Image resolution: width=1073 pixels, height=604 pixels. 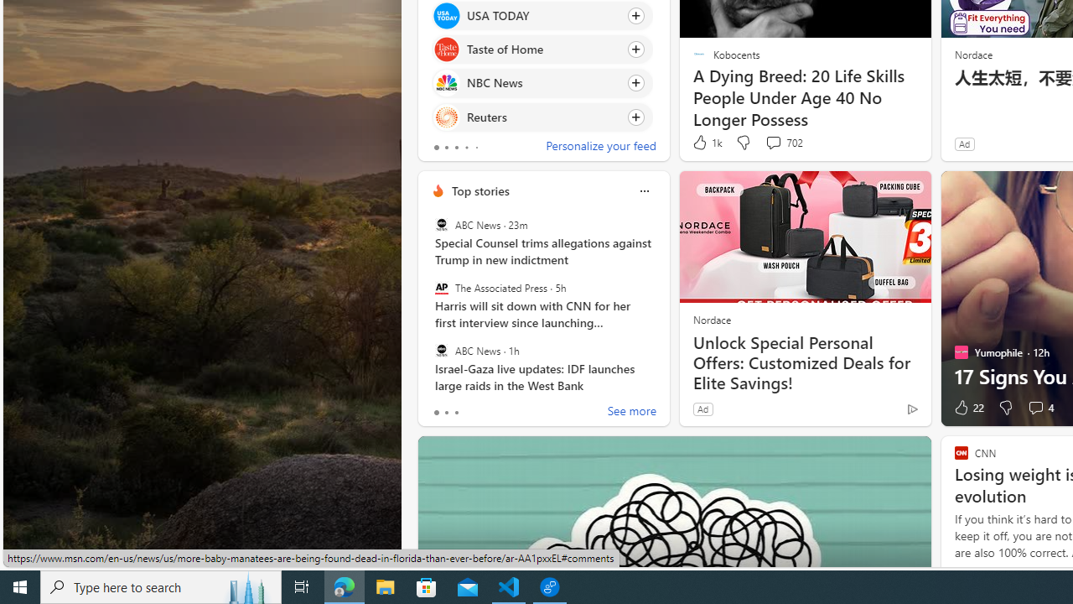 I want to click on 'tab-1', so click(x=446, y=413).